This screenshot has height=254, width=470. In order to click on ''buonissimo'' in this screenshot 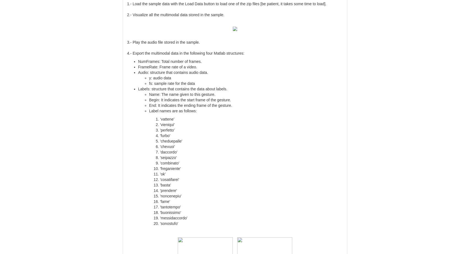, I will do `click(160, 212)`.